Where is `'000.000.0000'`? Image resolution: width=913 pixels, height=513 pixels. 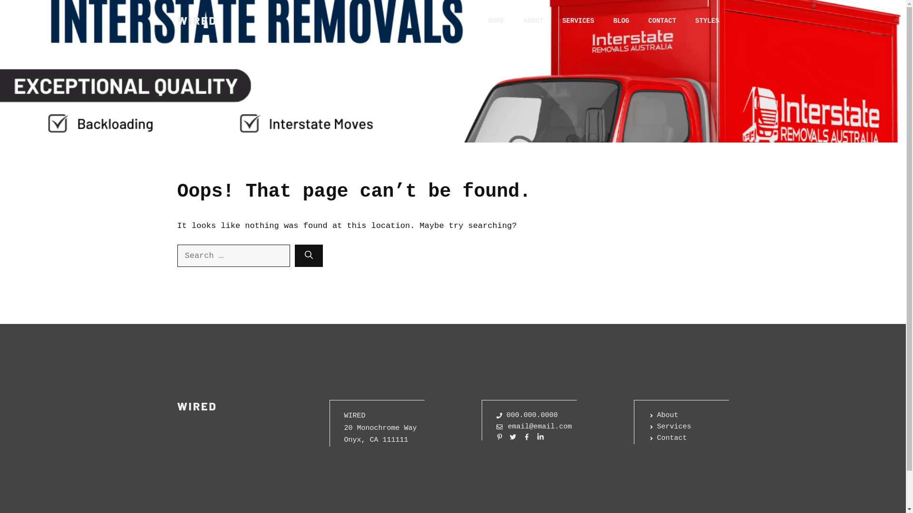
'000.000.0000' is located at coordinates (526, 415).